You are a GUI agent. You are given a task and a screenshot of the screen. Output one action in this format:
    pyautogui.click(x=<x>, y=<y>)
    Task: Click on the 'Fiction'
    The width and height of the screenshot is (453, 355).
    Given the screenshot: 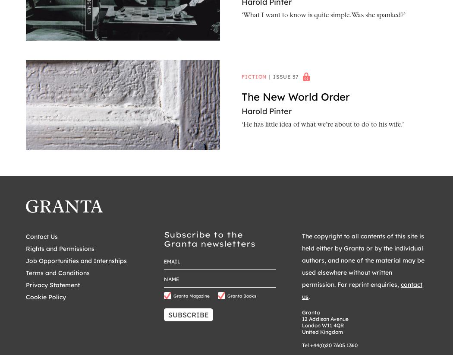 What is the action you would take?
    pyautogui.click(x=241, y=76)
    